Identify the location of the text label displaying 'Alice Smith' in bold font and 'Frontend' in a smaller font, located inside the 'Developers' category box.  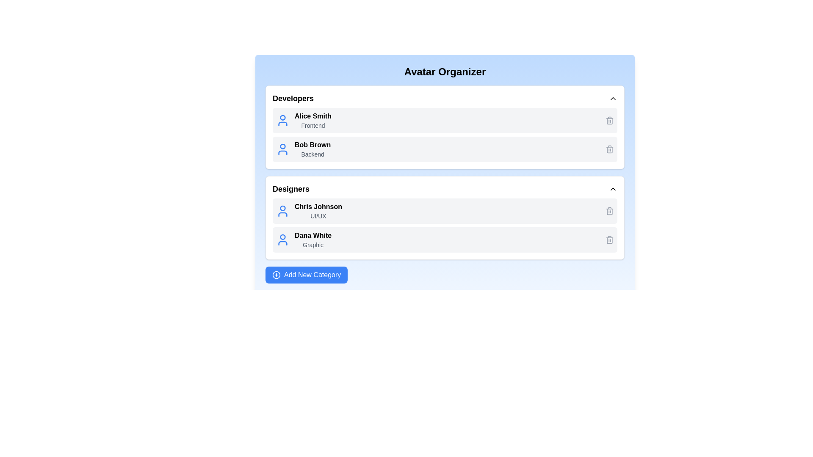
(312, 121).